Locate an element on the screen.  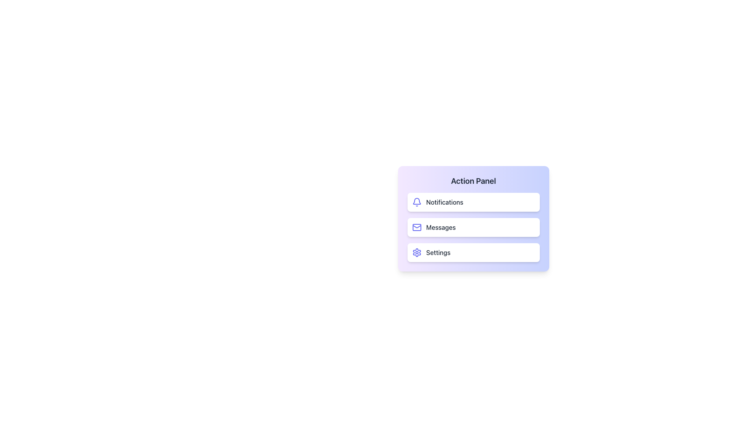
the thin triangular line drawing of the envelope's flap located within the 'Messages' panel of the SVG icon is located at coordinates (416, 226).